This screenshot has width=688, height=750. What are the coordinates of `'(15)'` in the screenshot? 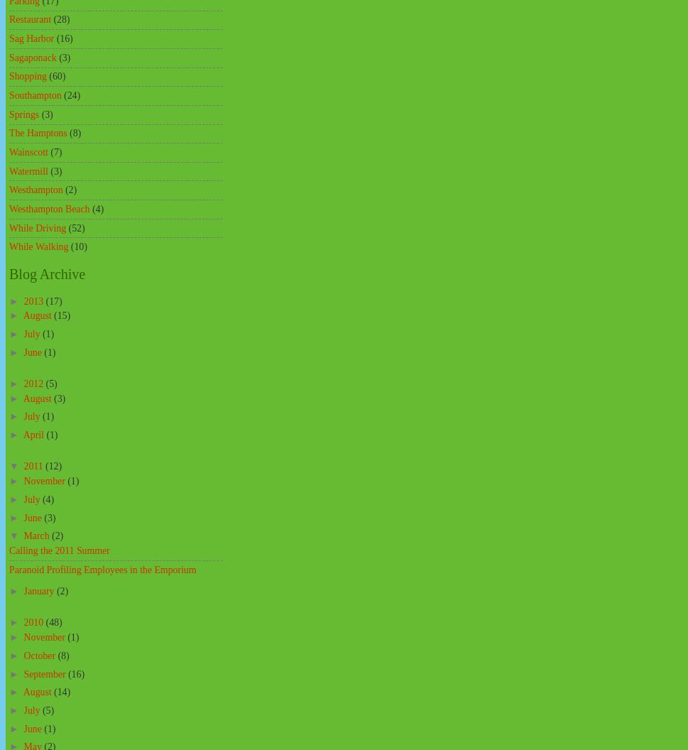 It's located at (62, 315).